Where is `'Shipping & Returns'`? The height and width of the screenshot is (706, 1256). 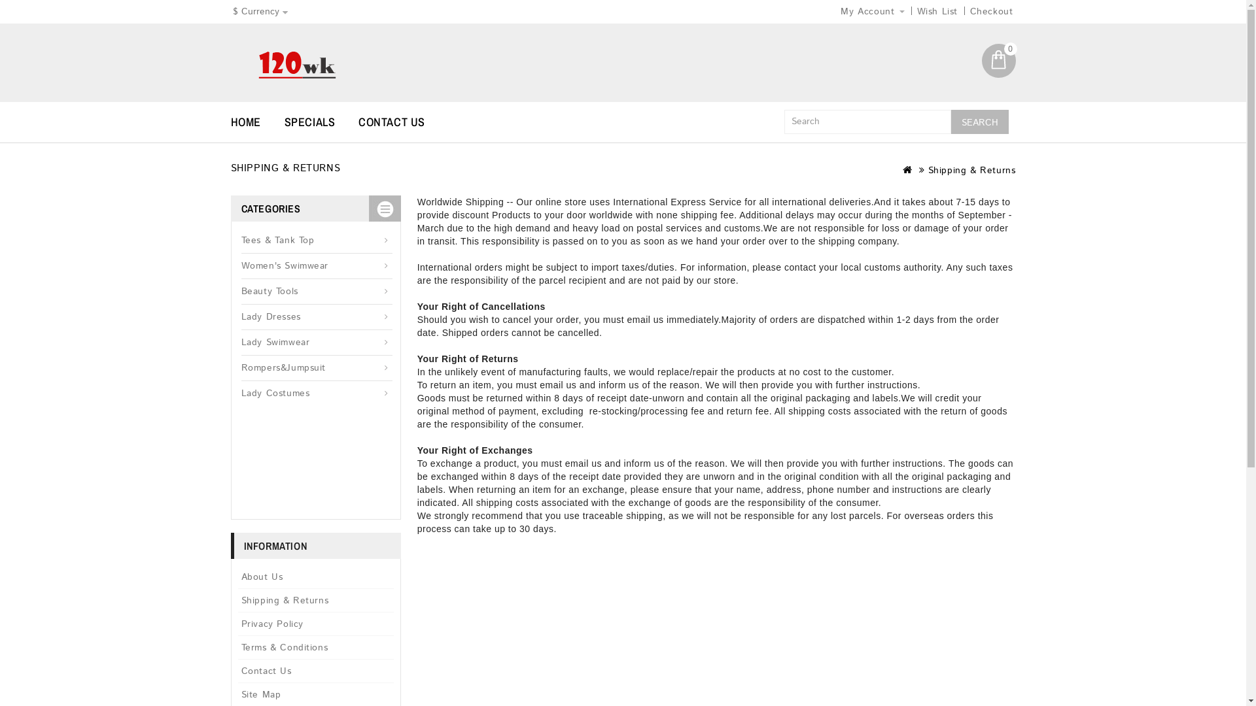
'Shipping & Returns' is located at coordinates (316, 600).